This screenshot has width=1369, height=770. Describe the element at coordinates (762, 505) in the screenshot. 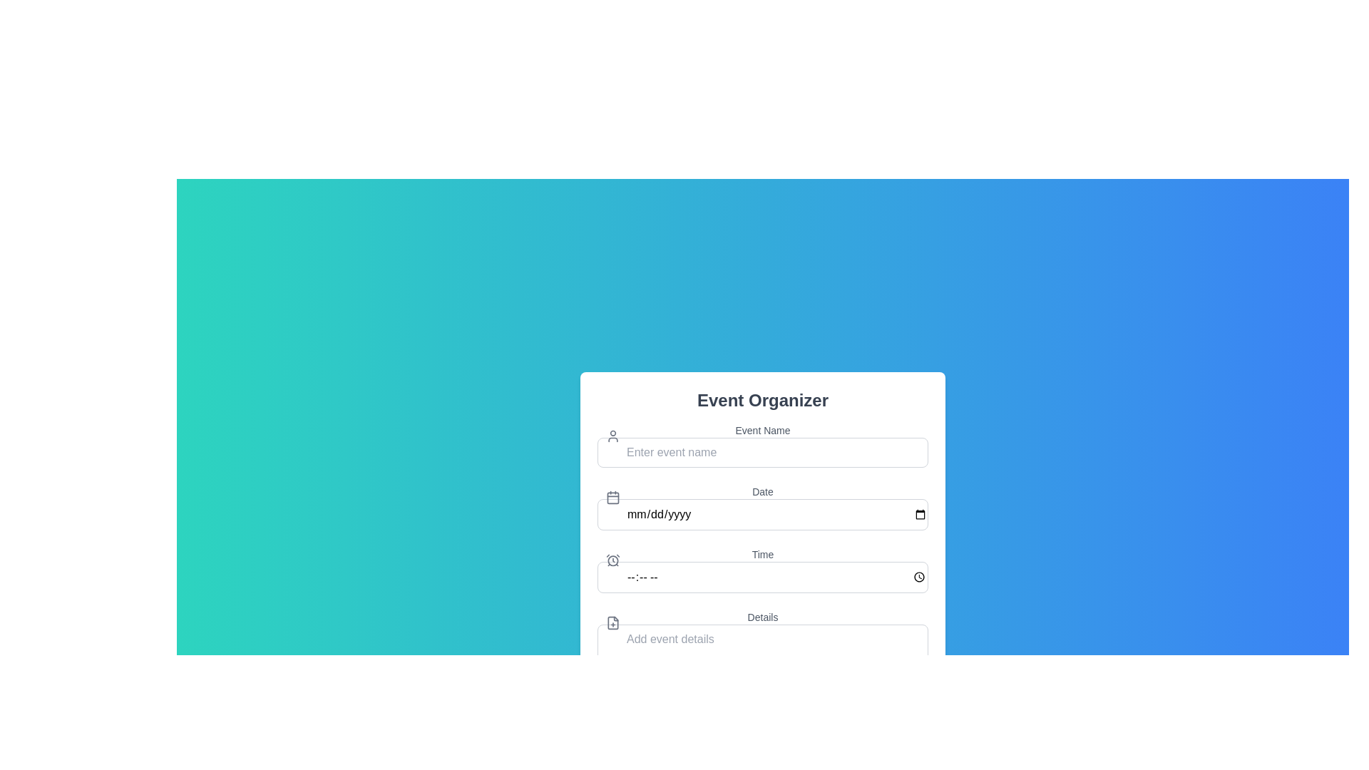

I see `the Date picker input field located in the 'Event Organizer' section, which is the second interactive field below the 'Event Name' field` at that location.